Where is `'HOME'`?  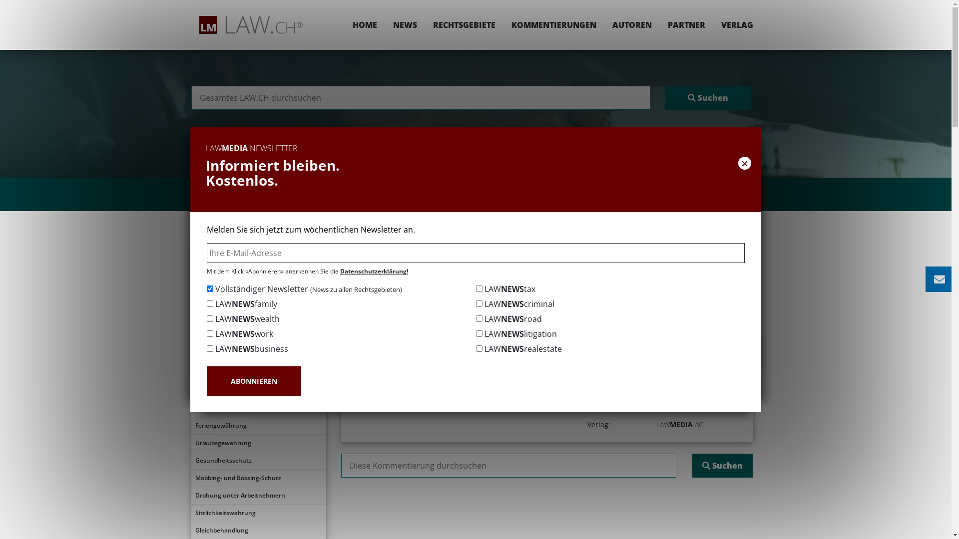
'HOME' is located at coordinates (345, 24).